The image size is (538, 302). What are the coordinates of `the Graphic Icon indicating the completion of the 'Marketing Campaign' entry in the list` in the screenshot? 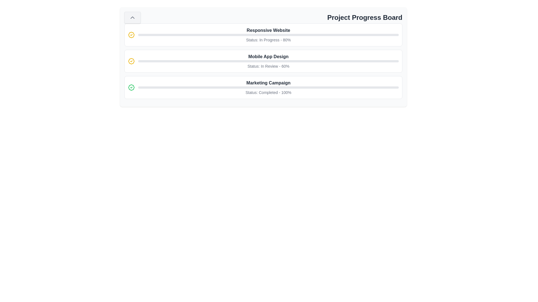 It's located at (131, 87).